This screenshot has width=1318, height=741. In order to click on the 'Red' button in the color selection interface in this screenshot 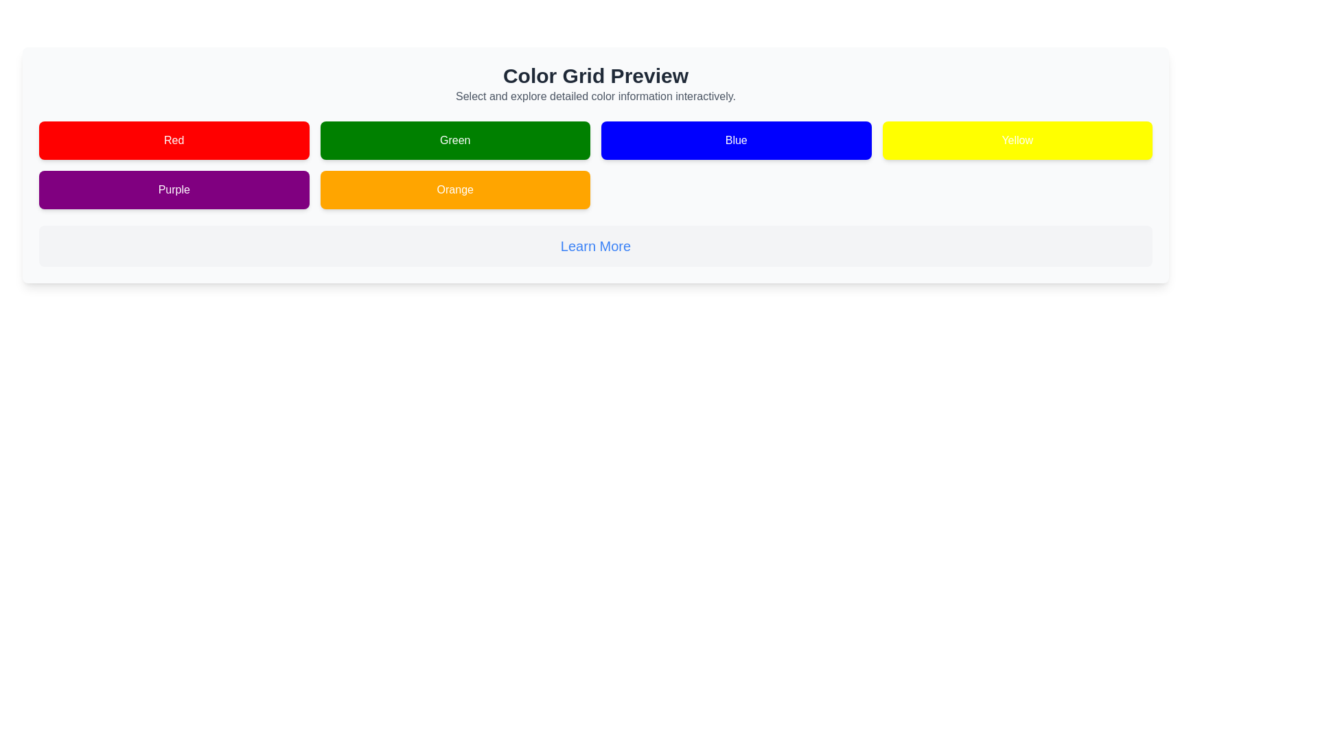, I will do `click(173, 140)`.